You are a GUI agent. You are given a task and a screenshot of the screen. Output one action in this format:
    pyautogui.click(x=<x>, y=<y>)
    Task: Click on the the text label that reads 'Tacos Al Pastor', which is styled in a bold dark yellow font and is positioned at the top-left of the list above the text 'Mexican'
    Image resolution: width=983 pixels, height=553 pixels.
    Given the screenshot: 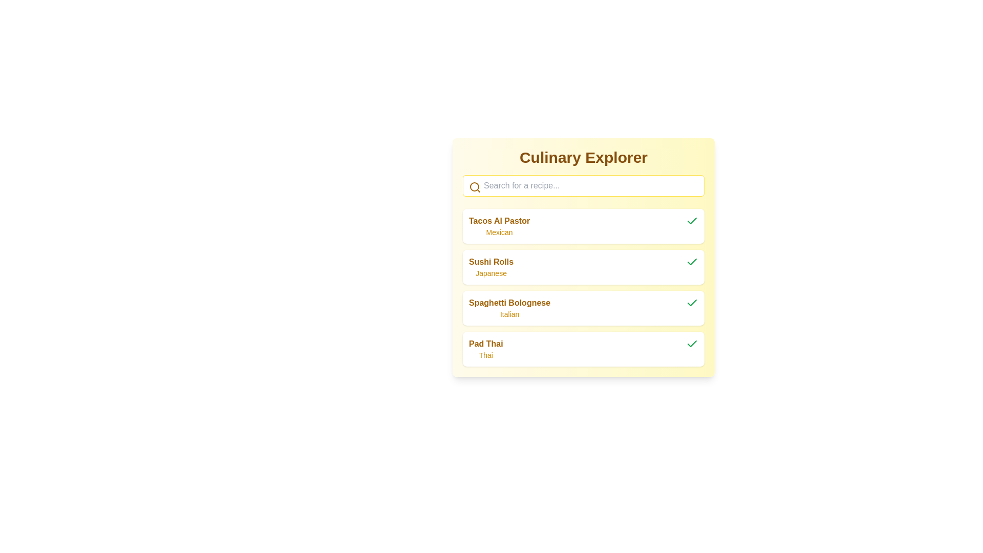 What is the action you would take?
    pyautogui.click(x=499, y=221)
    